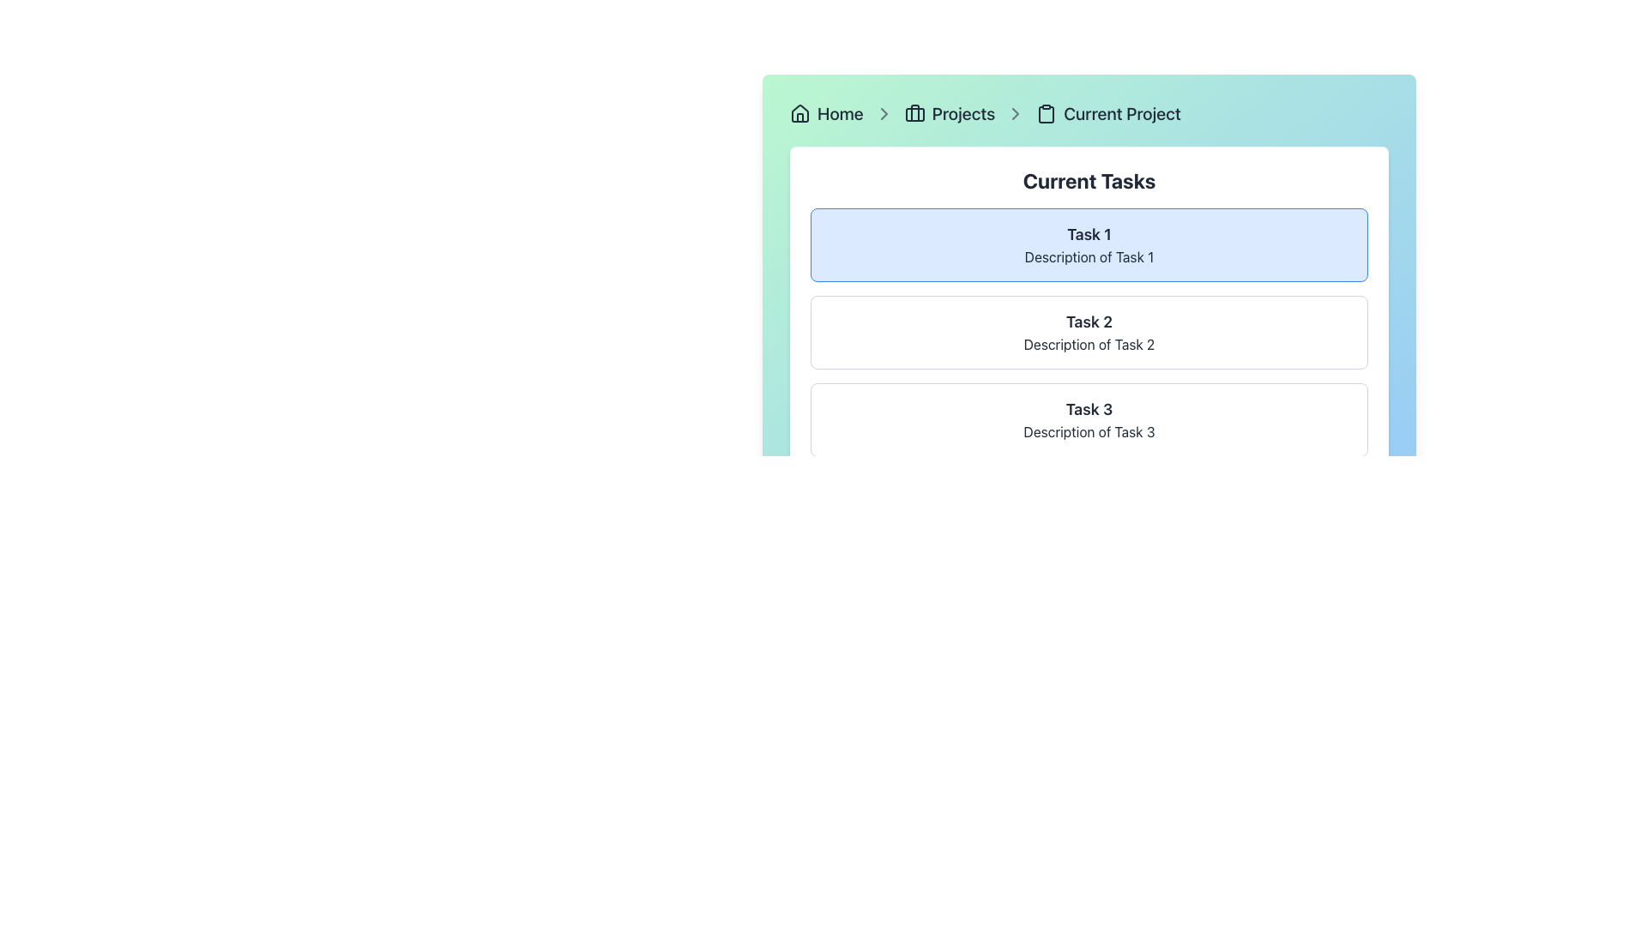 This screenshot has height=926, width=1647. What do you see at coordinates (884, 113) in the screenshot?
I see `the second arrow icon in the breadcrumb navigation bar, which separates 'Projects' and 'Current Project' labels` at bounding box center [884, 113].